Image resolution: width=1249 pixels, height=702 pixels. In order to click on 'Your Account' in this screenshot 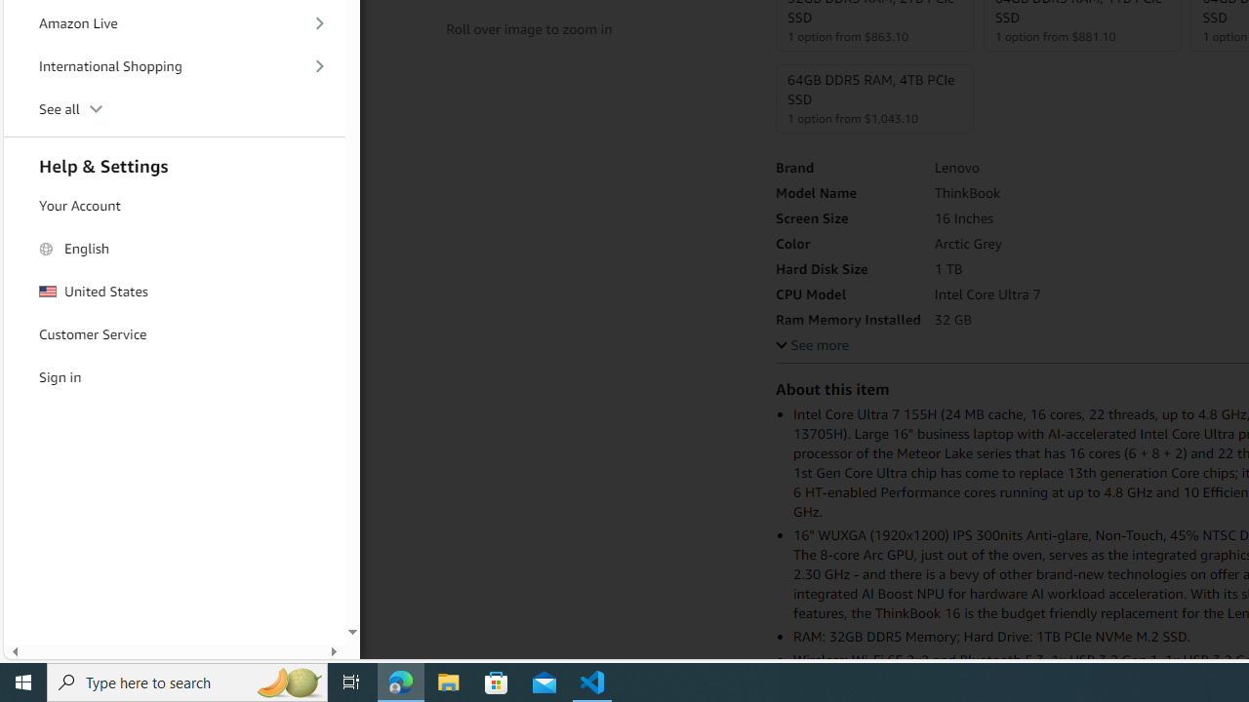, I will do `click(175, 205)`.